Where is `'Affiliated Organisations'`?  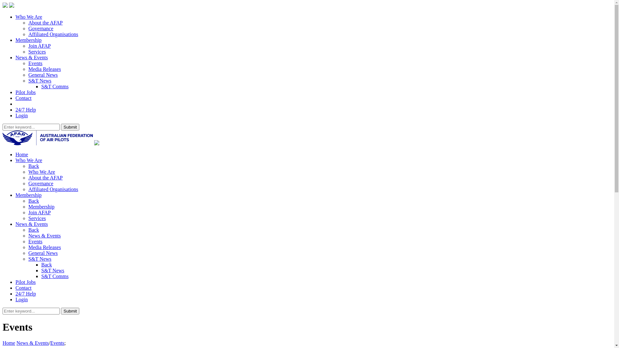
'Affiliated Organisations' is located at coordinates (53, 34).